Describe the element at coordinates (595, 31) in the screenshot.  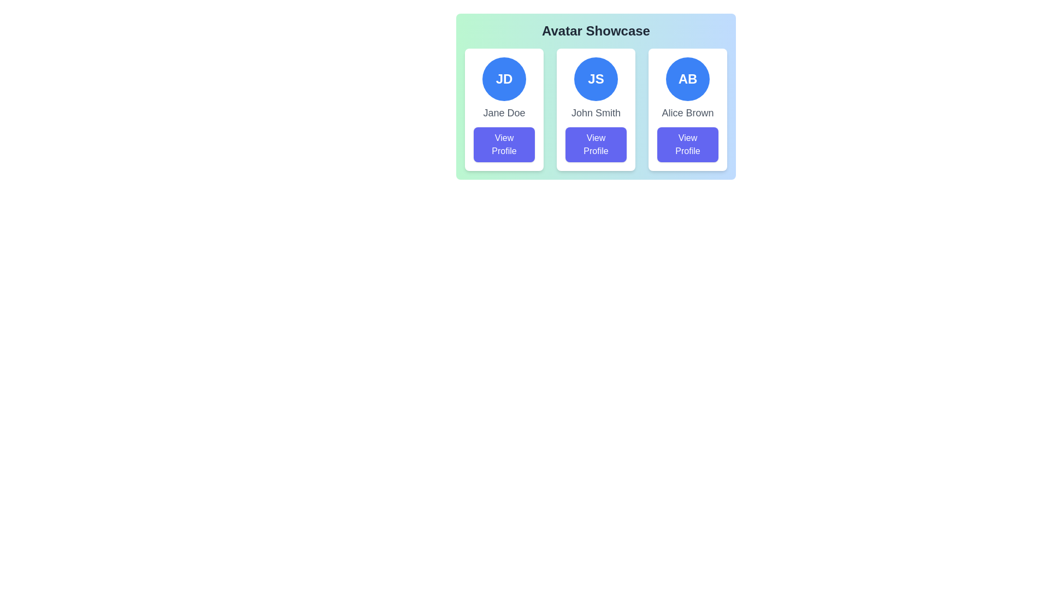
I see `the Text Header, which serves as a title for the content below it in the gradient-colored card` at that location.